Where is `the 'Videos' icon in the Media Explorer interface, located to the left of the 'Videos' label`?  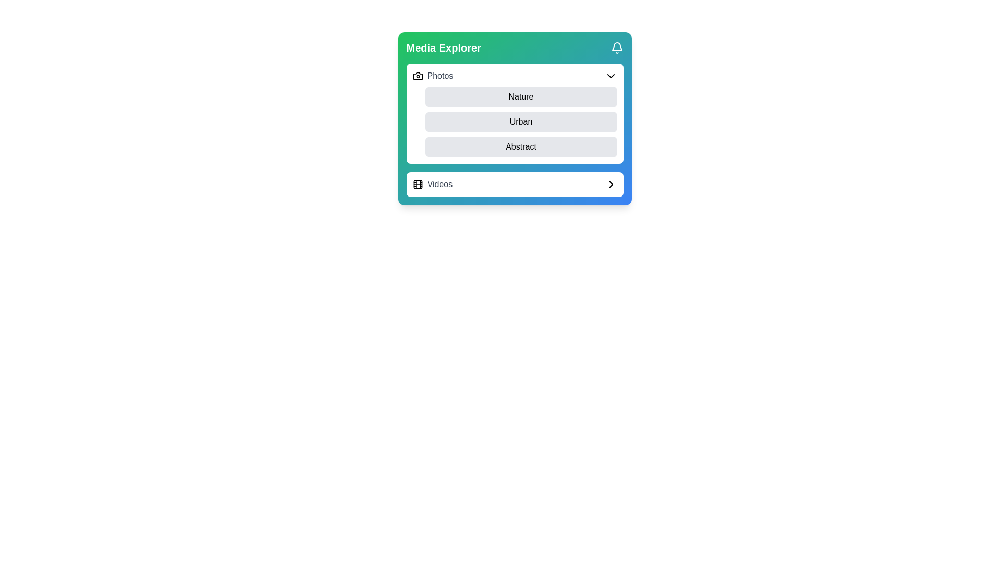
the 'Videos' icon in the Media Explorer interface, located to the left of the 'Videos' label is located at coordinates (418, 184).